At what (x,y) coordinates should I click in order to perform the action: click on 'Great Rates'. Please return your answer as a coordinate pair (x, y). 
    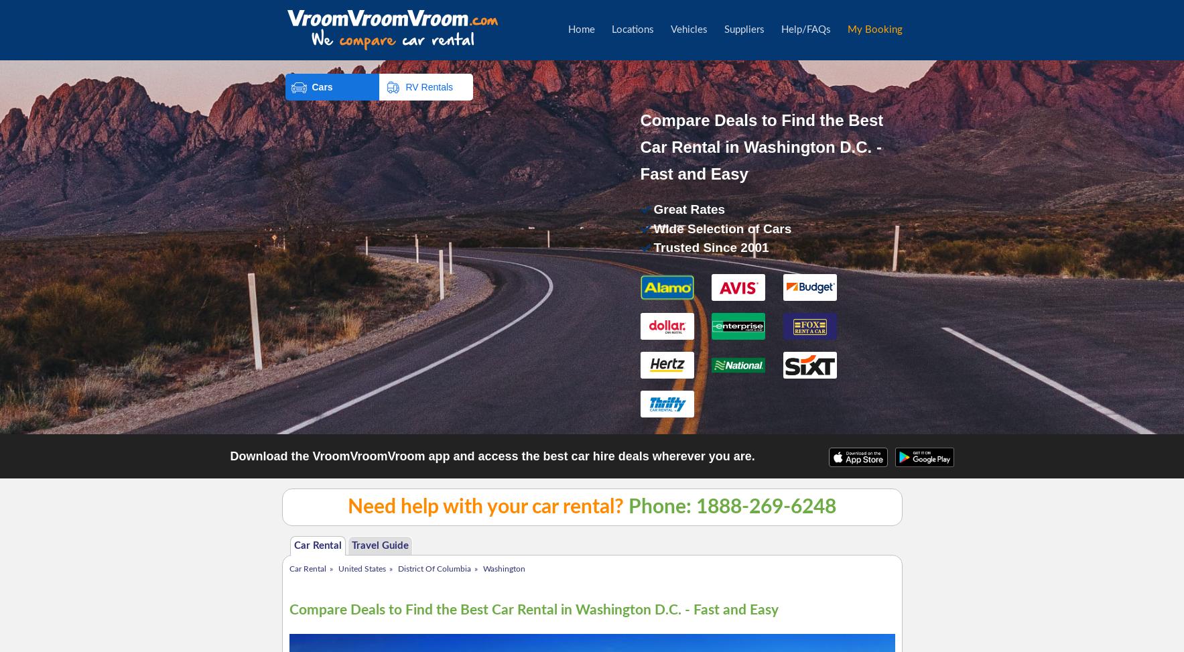
    Looking at the image, I should click on (653, 209).